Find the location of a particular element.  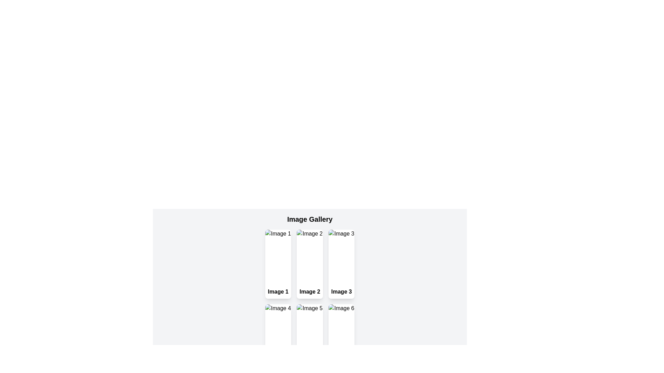

the text label 'Image 1', which is styled with a bold font and centered alignment, located in the leftmost column of a grid-like gallery layout is located at coordinates (278, 291).